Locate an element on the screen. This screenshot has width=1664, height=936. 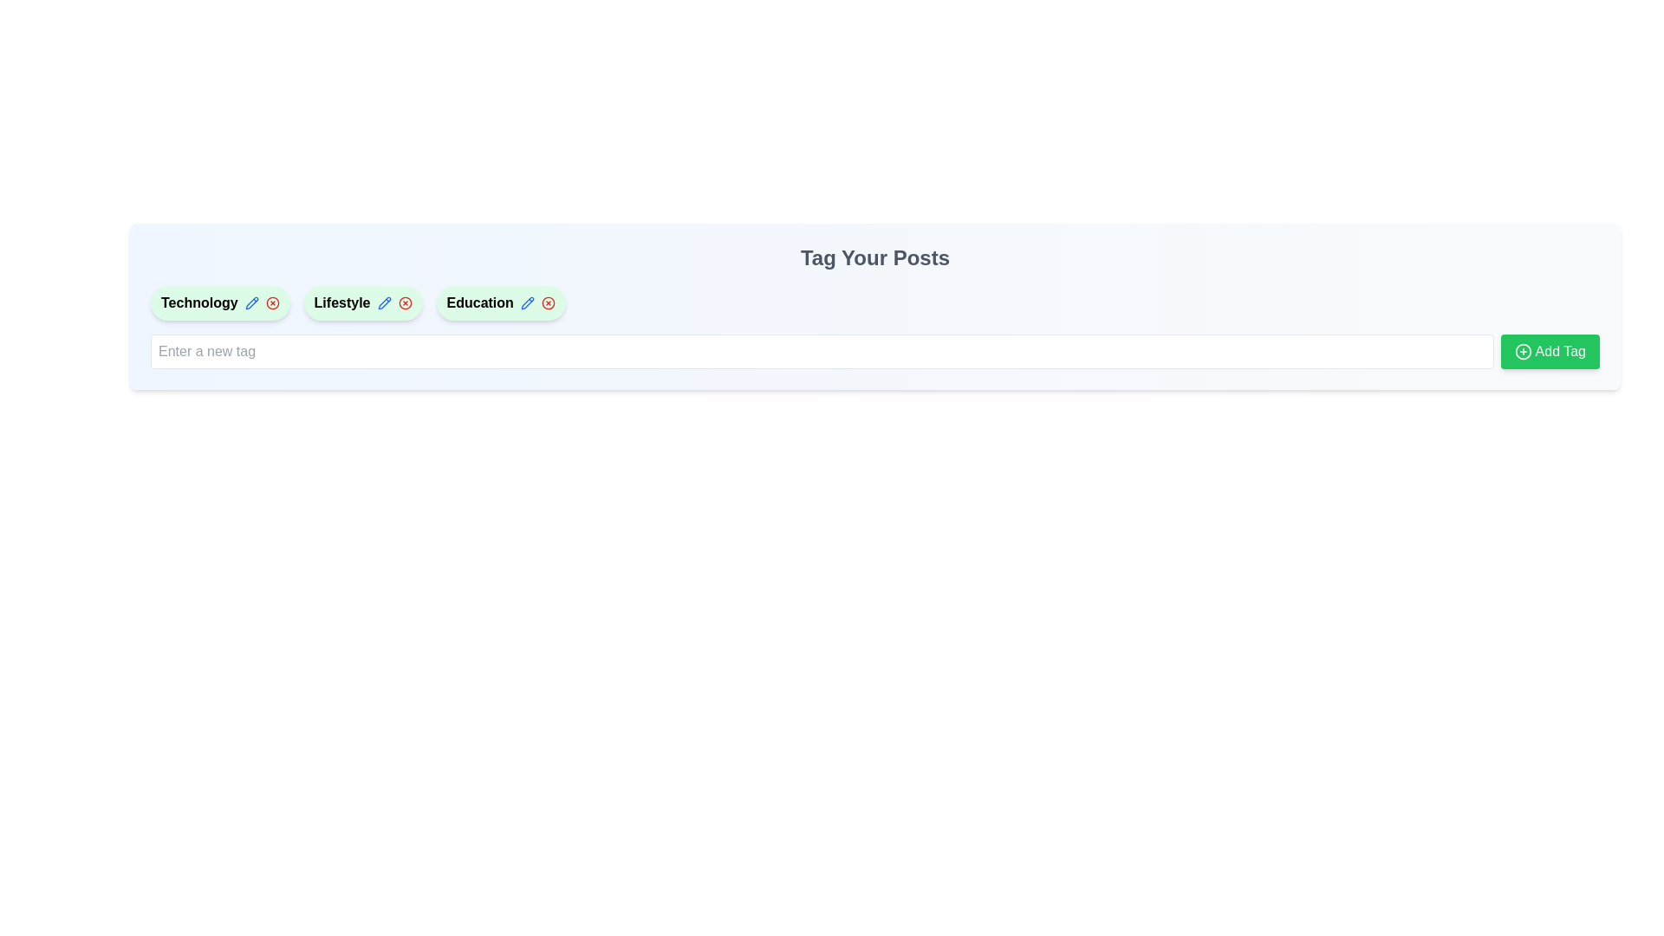
the close or delete icon associated with the 'Lifestyle' tag is located at coordinates (404, 302).